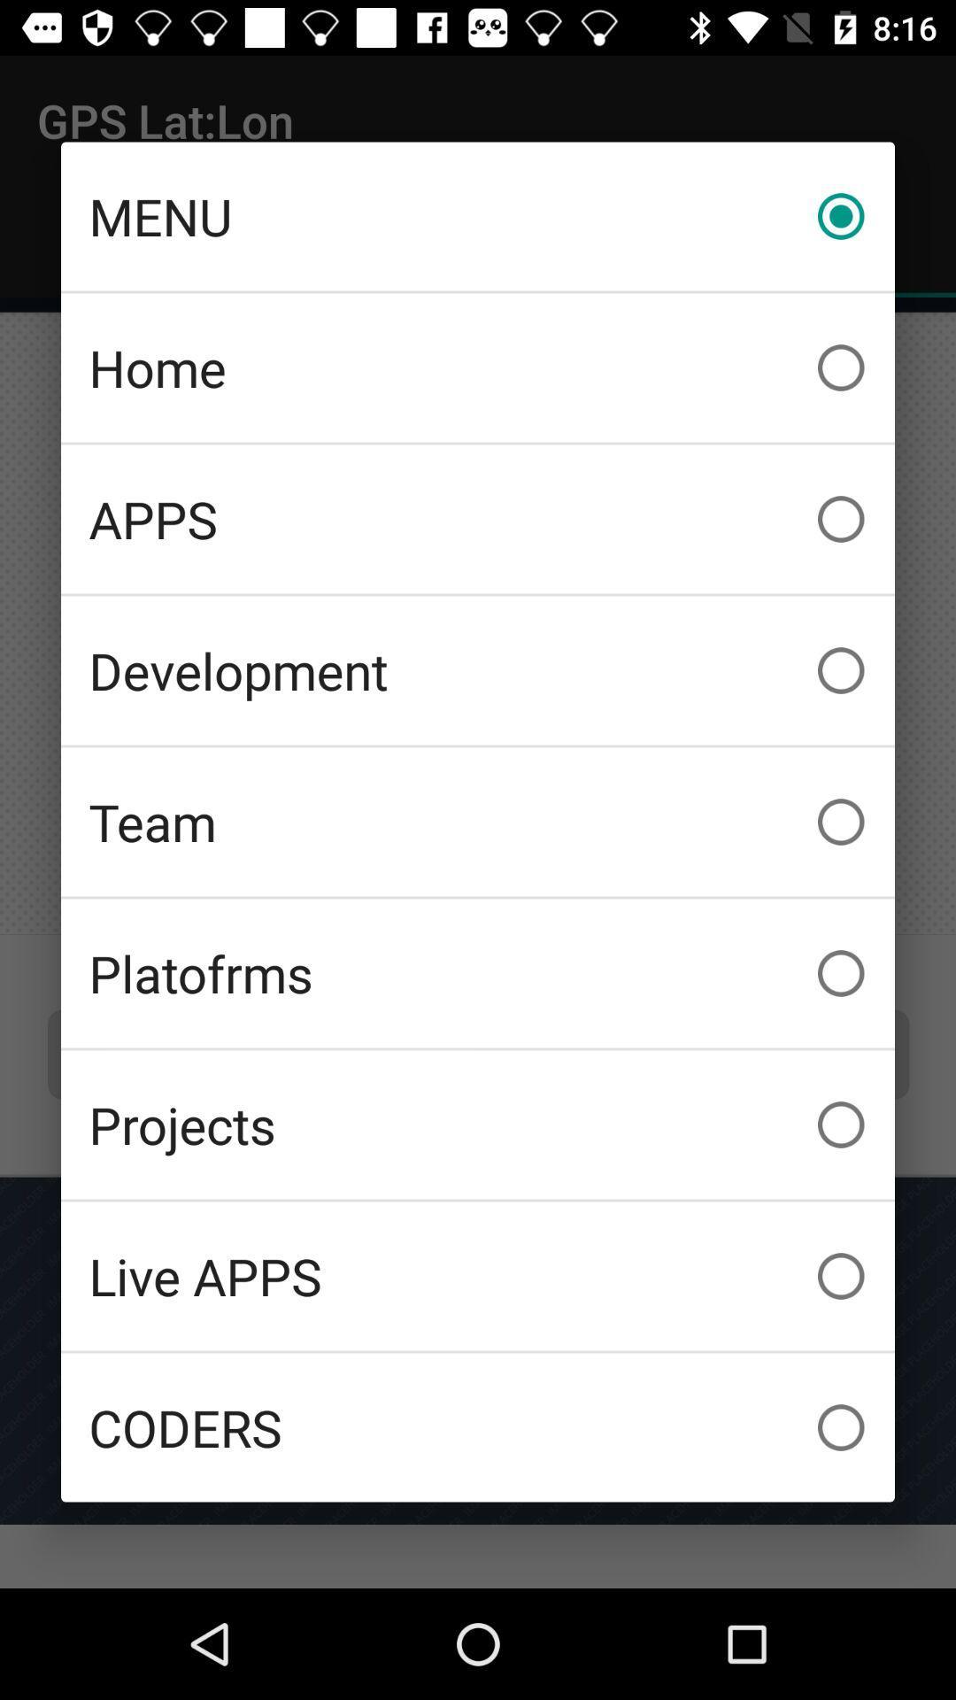  Describe the element at coordinates (478, 669) in the screenshot. I see `the icon below the apps item` at that location.